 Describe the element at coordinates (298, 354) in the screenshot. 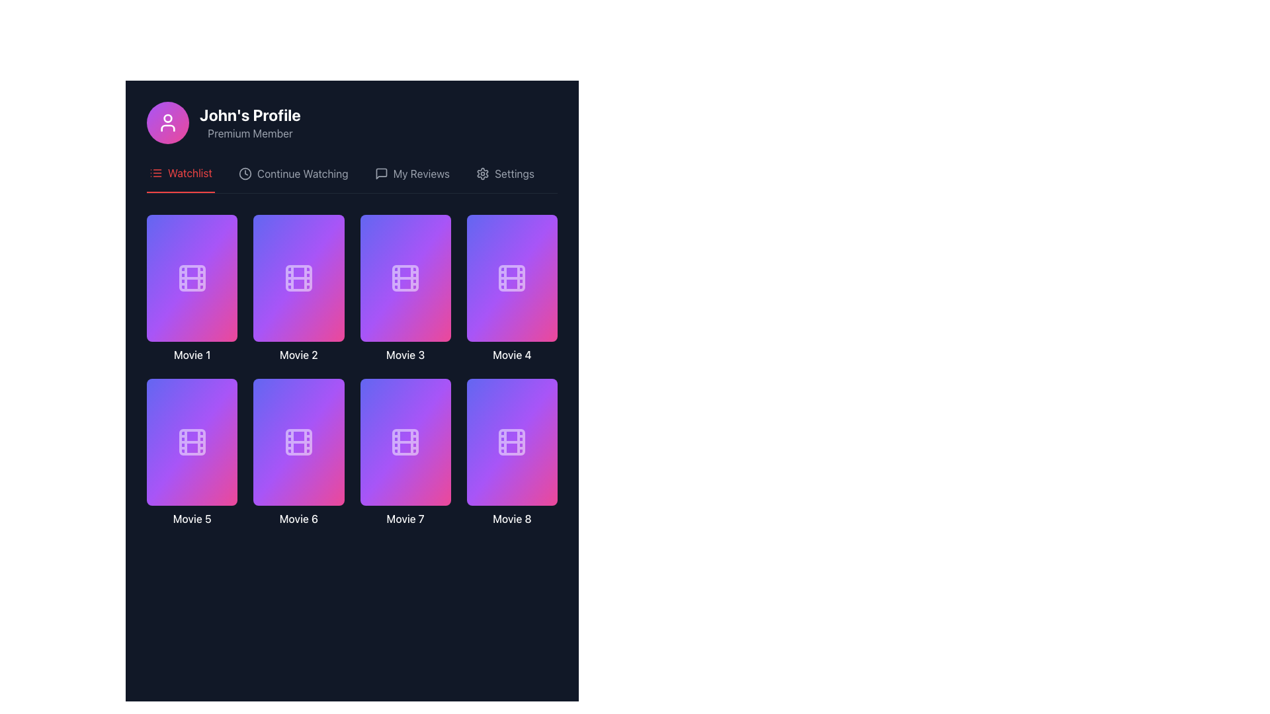

I see `the text label that displays 'Movie 2', which is located below the corresponding movie card in the second column of a 4x2 grid layout` at that location.